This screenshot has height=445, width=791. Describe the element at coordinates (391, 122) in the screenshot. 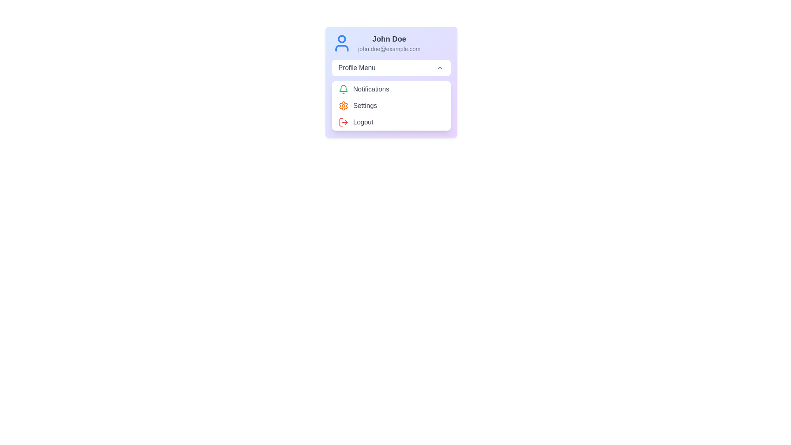

I see `the 'Logout' menu item located at the bottom of the dropdown panel` at that location.